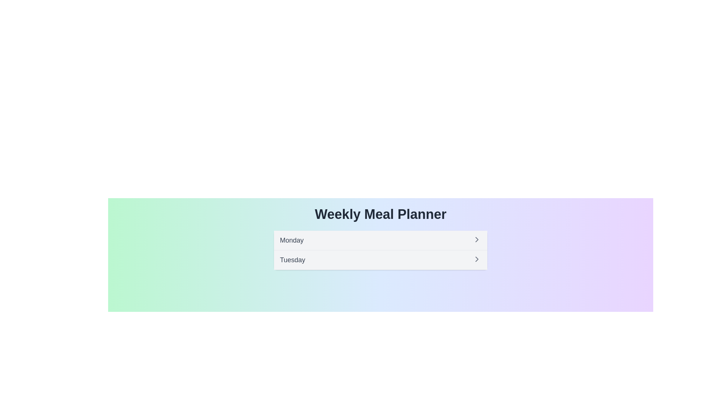 Image resolution: width=711 pixels, height=400 pixels. Describe the element at coordinates (380, 260) in the screenshot. I see `the interactive list item labeled 'Tuesday' using keyboard inputs, which is the second item in a vertical list beneath 'Monday'` at that location.